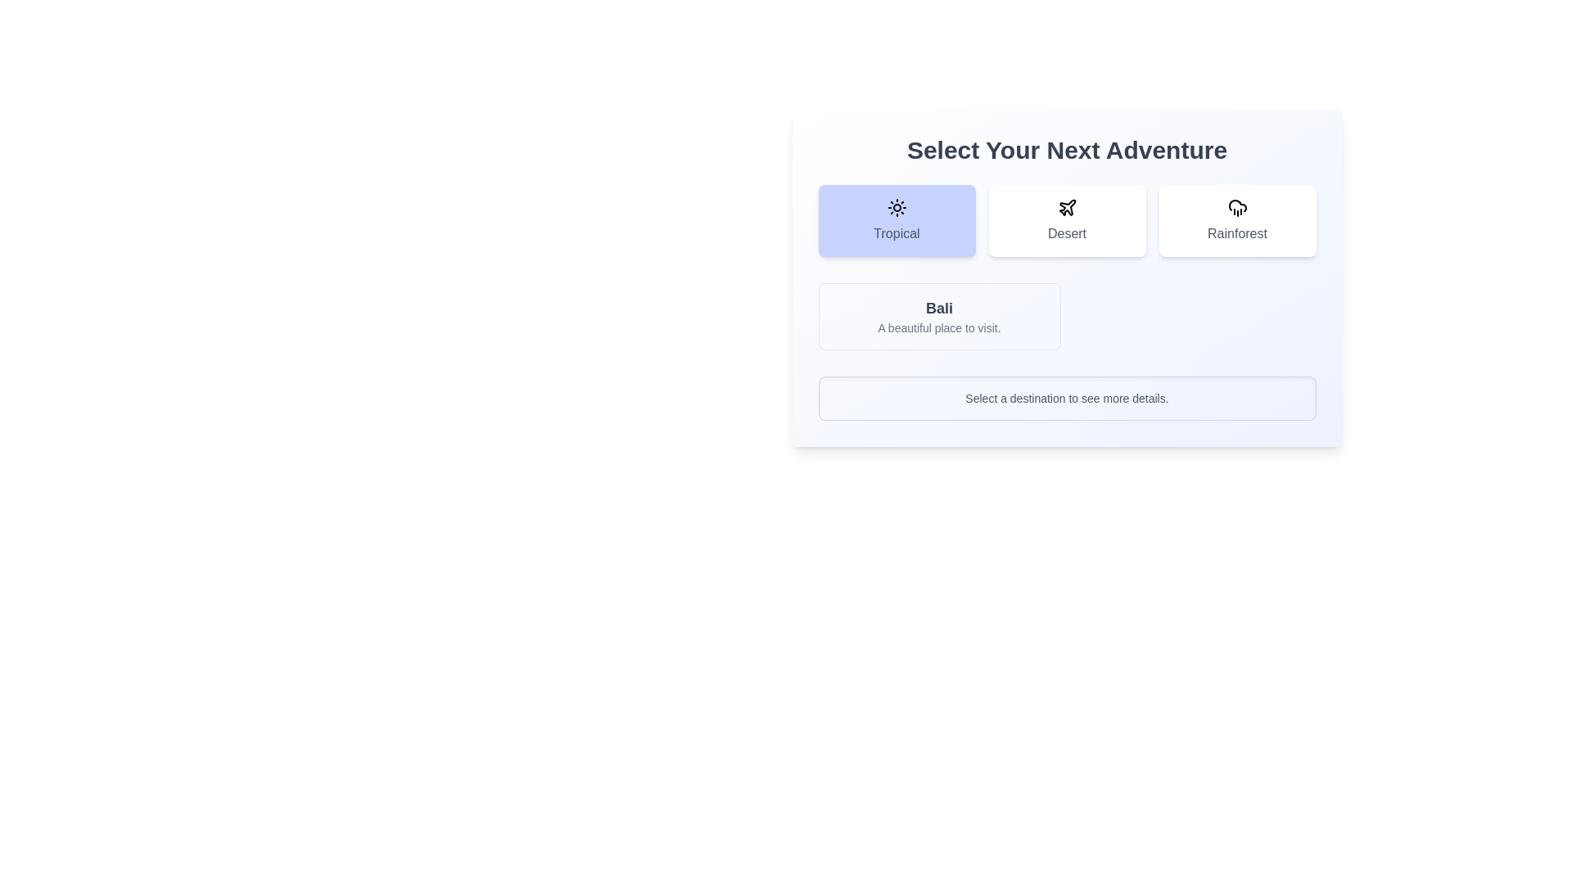 Image resolution: width=1572 pixels, height=884 pixels. I want to click on the sun icon, which is a circular icon with rays, located at the center-top of the 'Tropical' themed options box, so click(896, 207).